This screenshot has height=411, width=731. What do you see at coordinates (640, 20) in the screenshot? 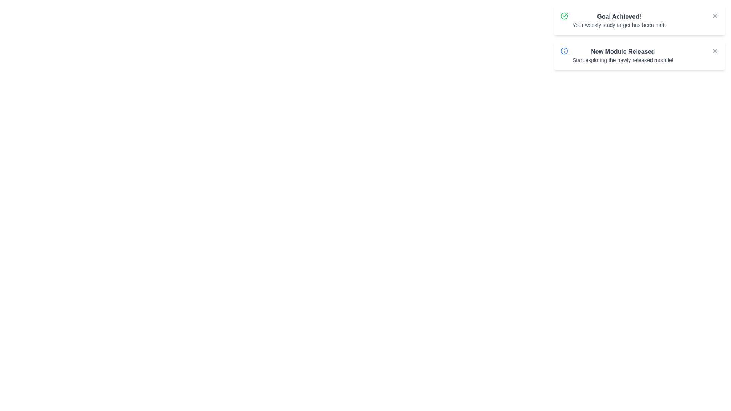
I see `the notification to observe hover effects` at bounding box center [640, 20].